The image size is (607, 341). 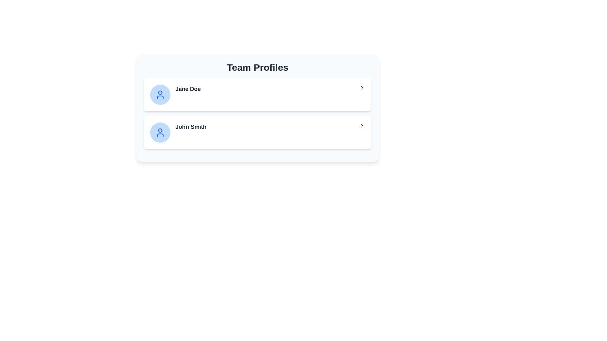 I want to click on the text label indicating the name 'John Smith' in the second row of the 'Team Profiles' list, so click(x=191, y=127).